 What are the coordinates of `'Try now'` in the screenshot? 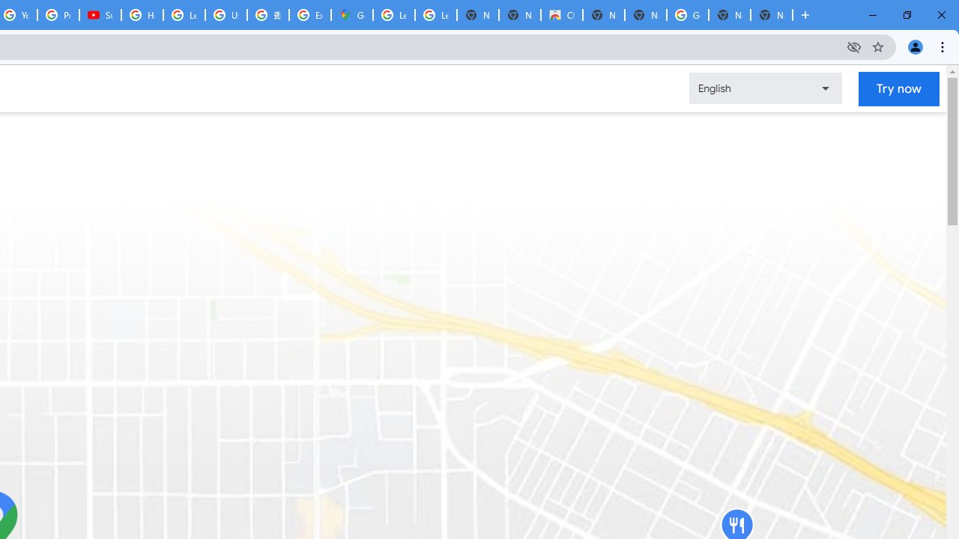 It's located at (899, 88).